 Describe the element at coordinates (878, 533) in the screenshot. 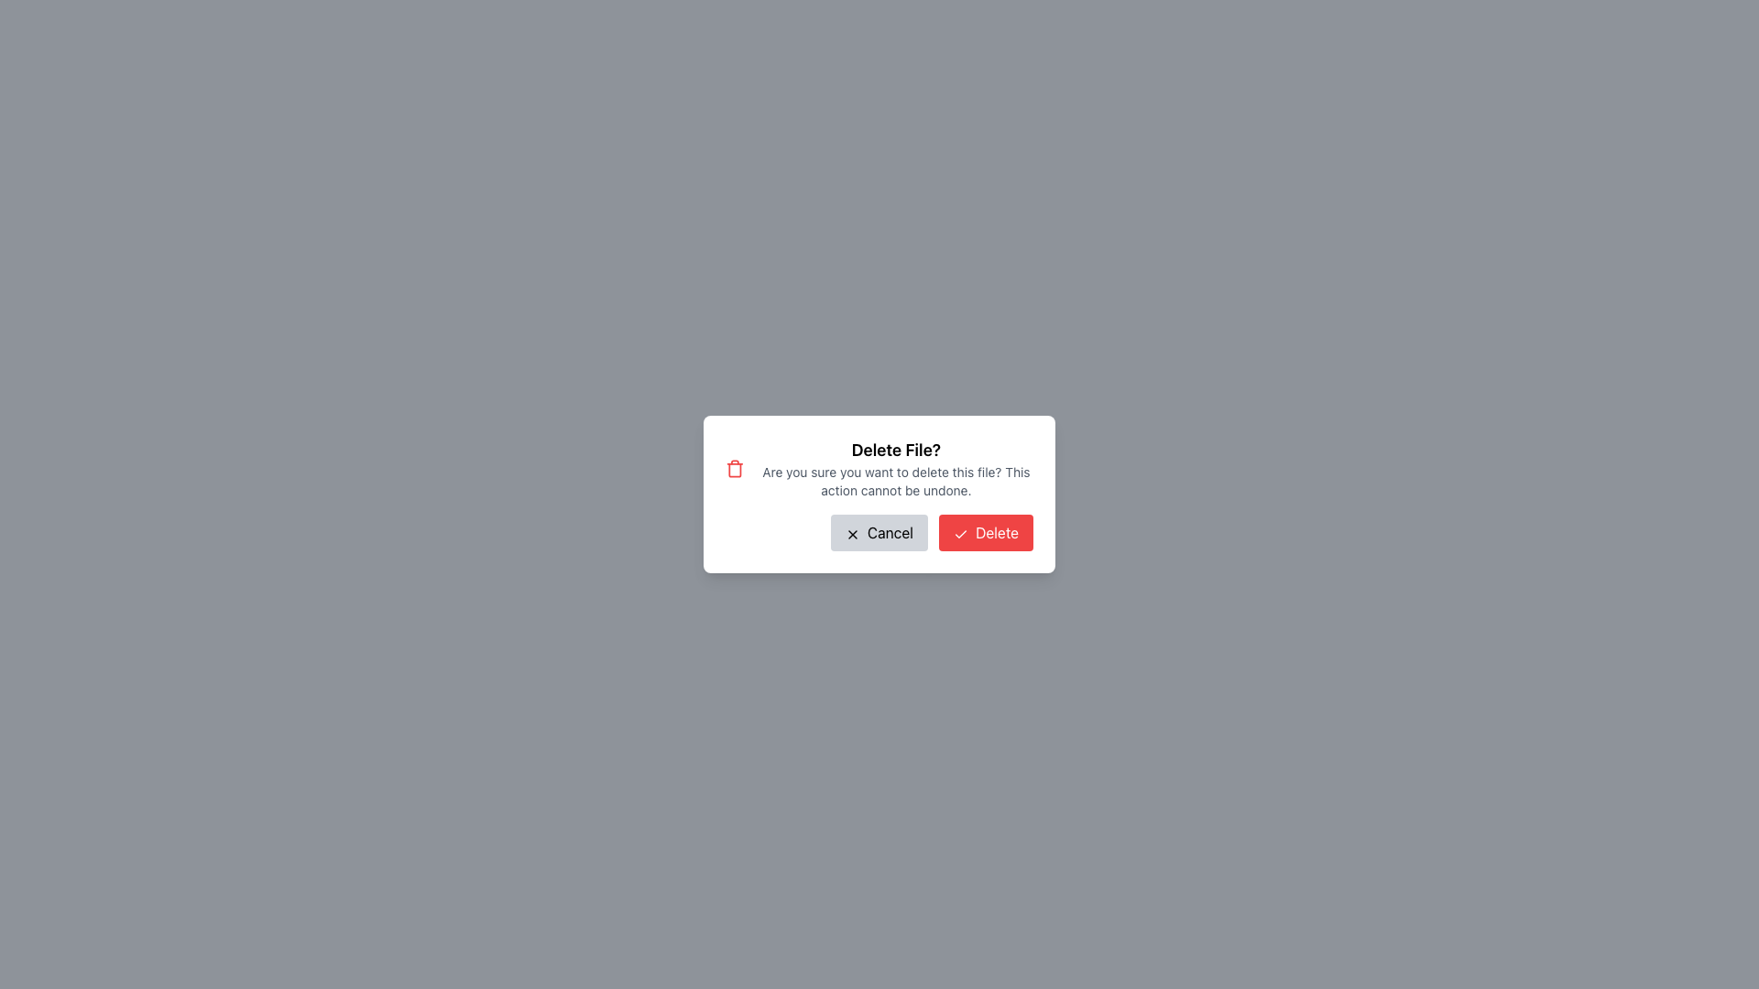

I see `the 'Cancel' button located at the bottom left of the dialog box to discard the current operation and return to the previous state` at that location.